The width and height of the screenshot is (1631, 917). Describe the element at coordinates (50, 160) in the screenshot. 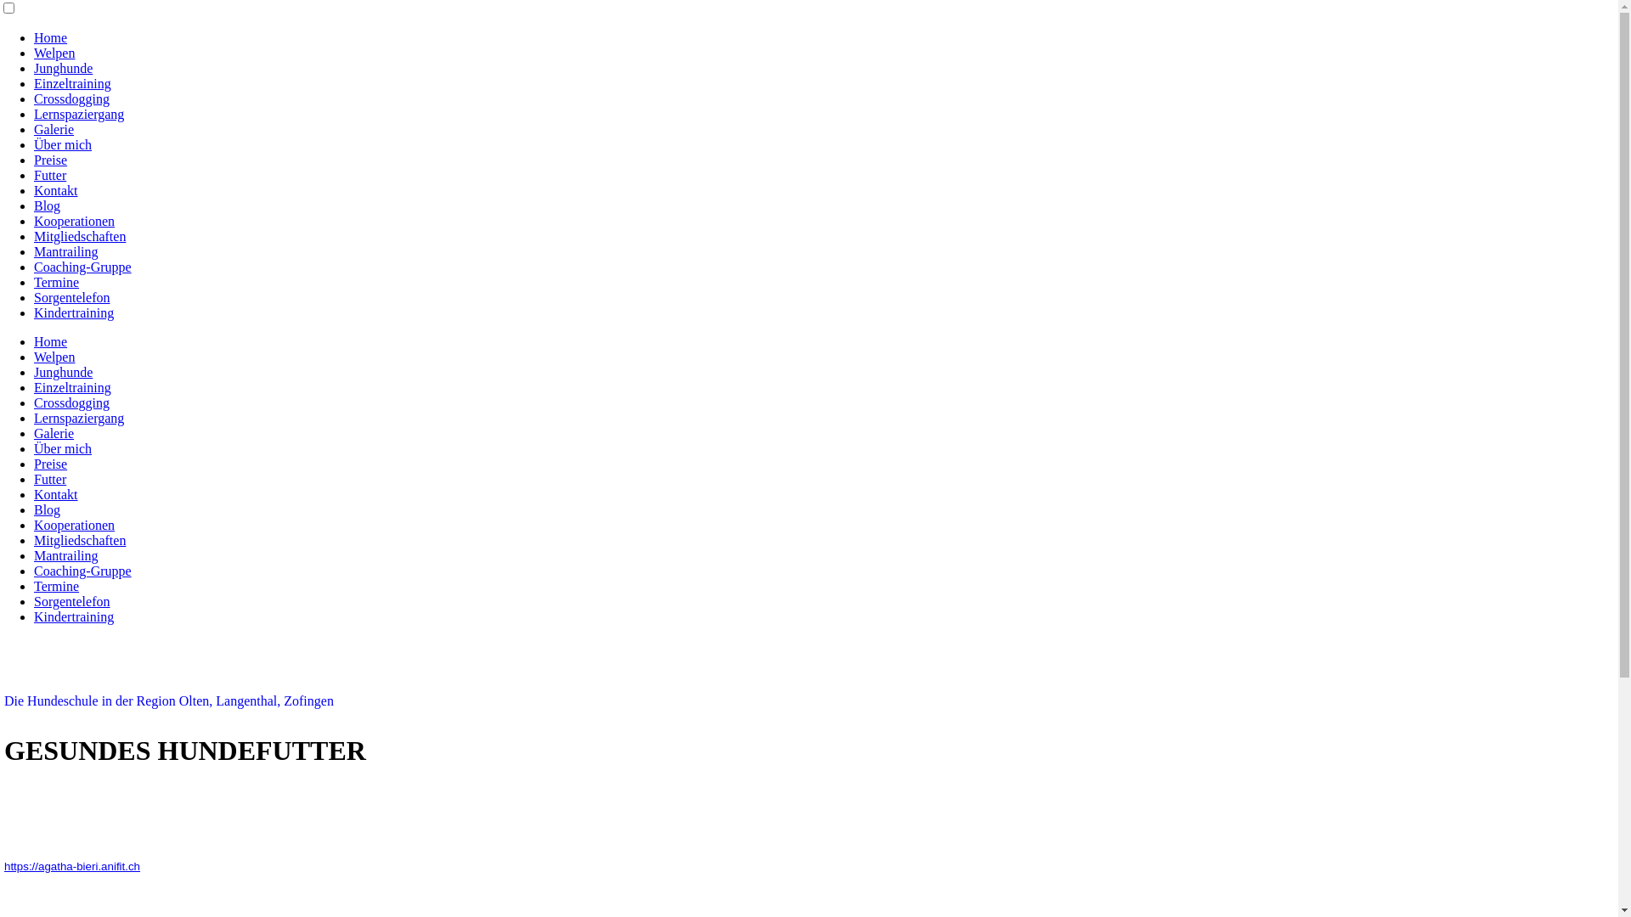

I see `'Preise'` at that location.